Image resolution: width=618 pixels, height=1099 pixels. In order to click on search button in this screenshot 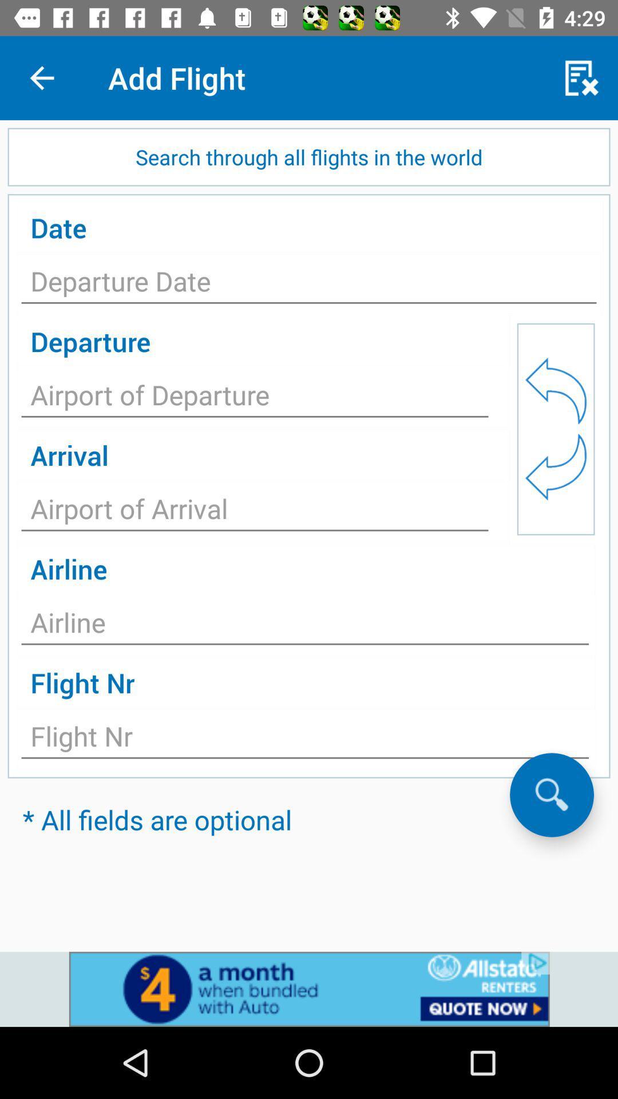, I will do `click(304, 740)`.